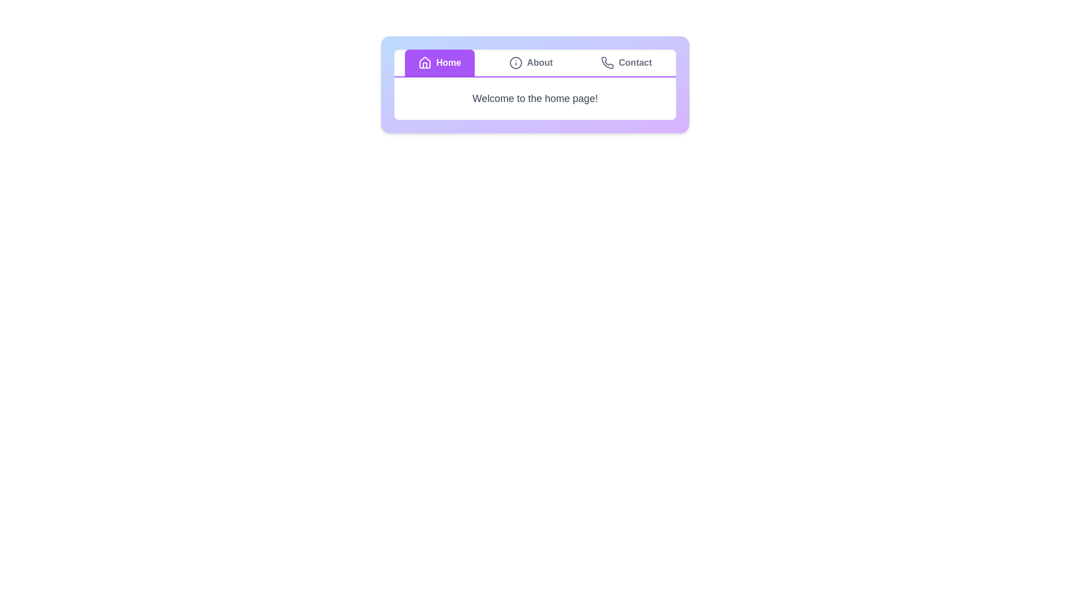 Image resolution: width=1071 pixels, height=602 pixels. I want to click on the Contact tab by clicking on it, so click(626, 62).